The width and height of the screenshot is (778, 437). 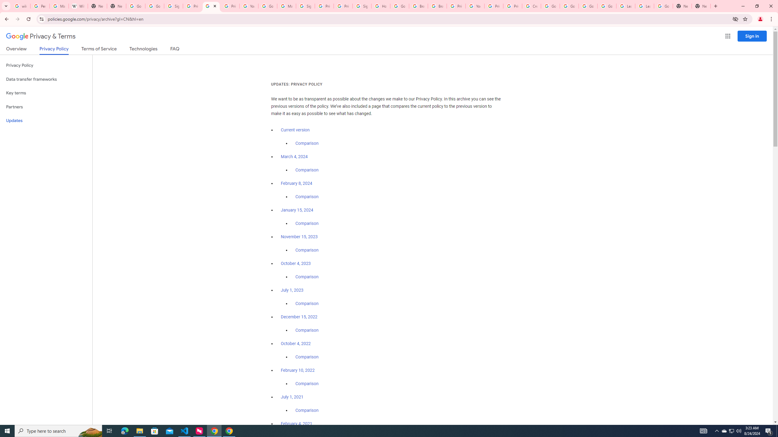 What do you see at coordinates (46, 65) in the screenshot?
I see `'Privacy Policy'` at bounding box center [46, 65].